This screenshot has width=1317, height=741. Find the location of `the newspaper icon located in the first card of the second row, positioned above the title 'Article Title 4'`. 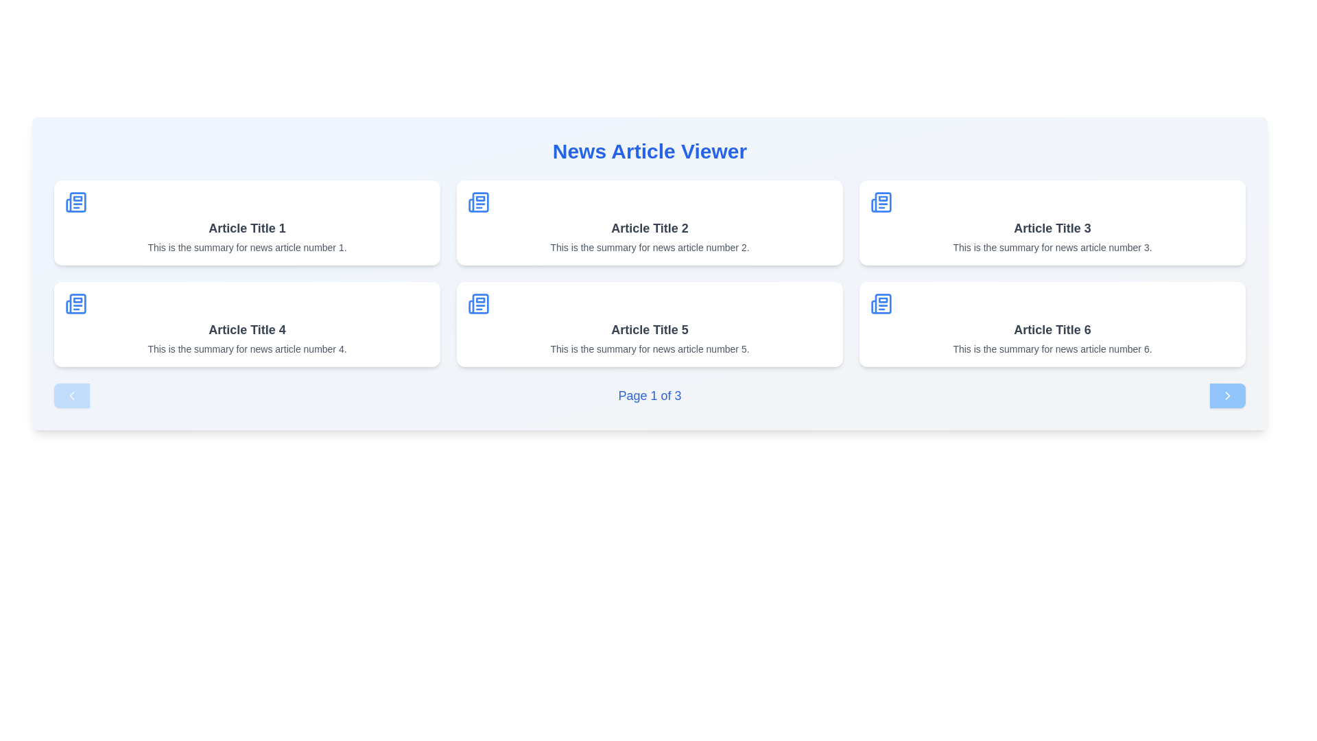

the newspaper icon located in the first card of the second row, positioned above the title 'Article Title 4' is located at coordinates (75, 303).